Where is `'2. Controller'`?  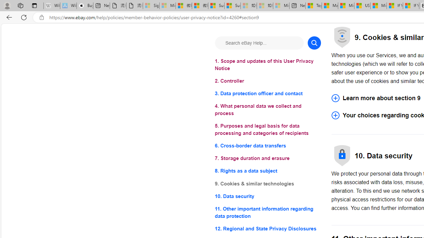 '2. Controller' is located at coordinates (268, 81).